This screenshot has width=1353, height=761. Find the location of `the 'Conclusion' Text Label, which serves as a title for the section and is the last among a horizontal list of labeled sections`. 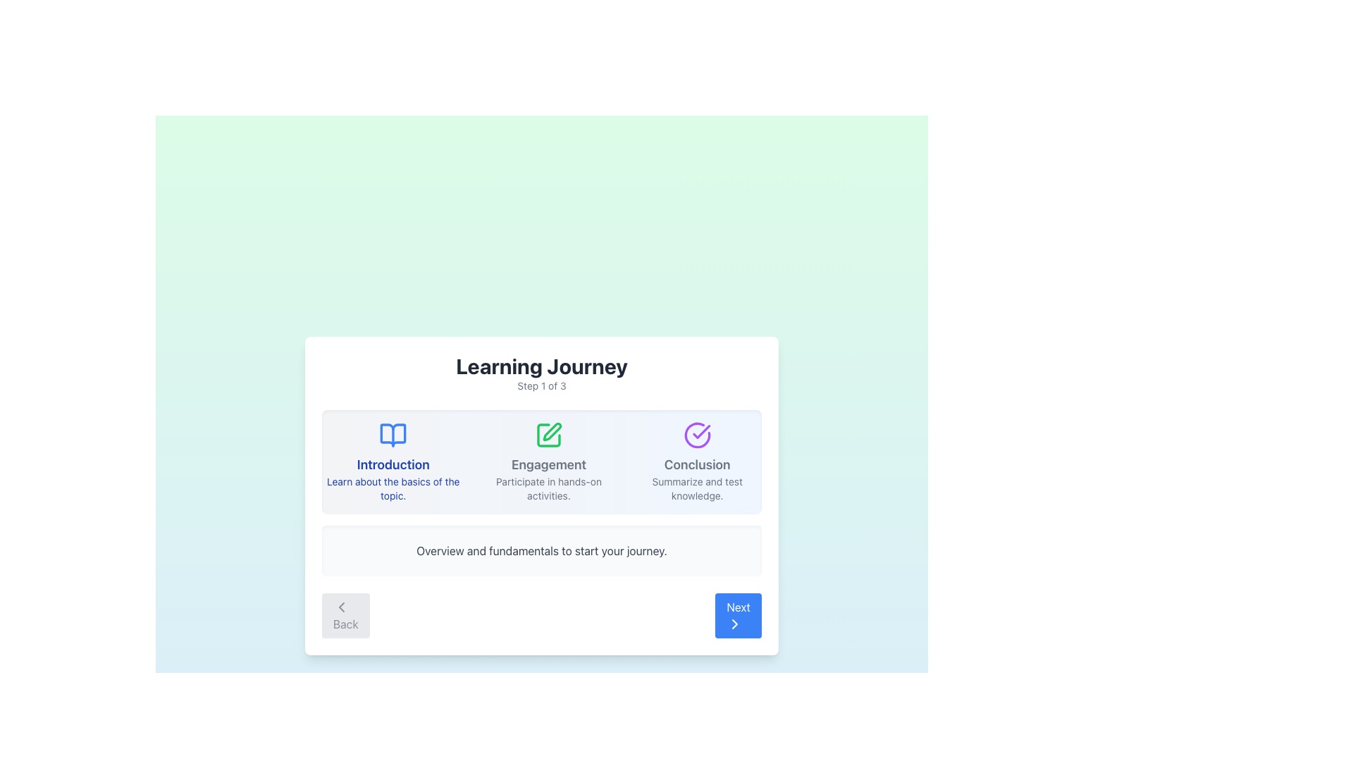

the 'Conclusion' Text Label, which serves as a title for the section and is the last among a horizontal list of labeled sections is located at coordinates (697, 464).